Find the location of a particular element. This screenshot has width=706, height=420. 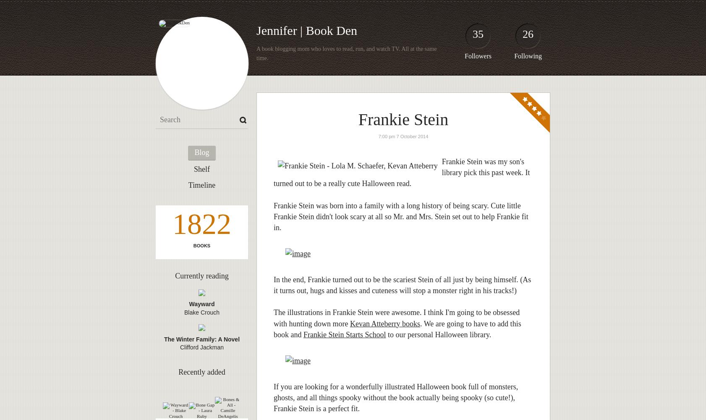

'The Winter Family: A Novel' is located at coordinates (201, 339).